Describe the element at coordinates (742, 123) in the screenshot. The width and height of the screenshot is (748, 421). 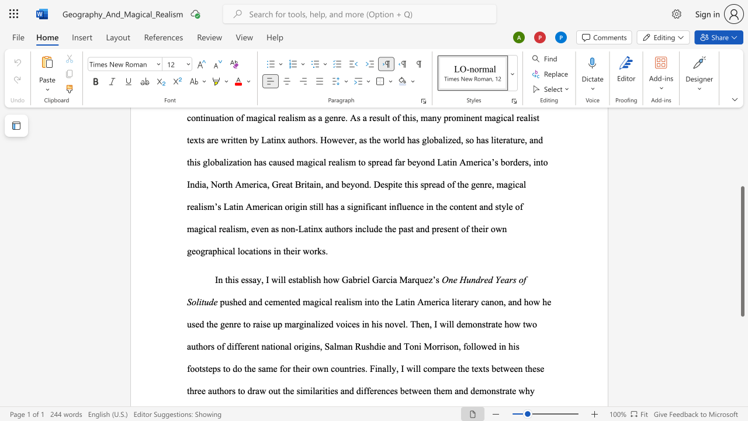
I see `the scrollbar to adjust the page upward` at that location.